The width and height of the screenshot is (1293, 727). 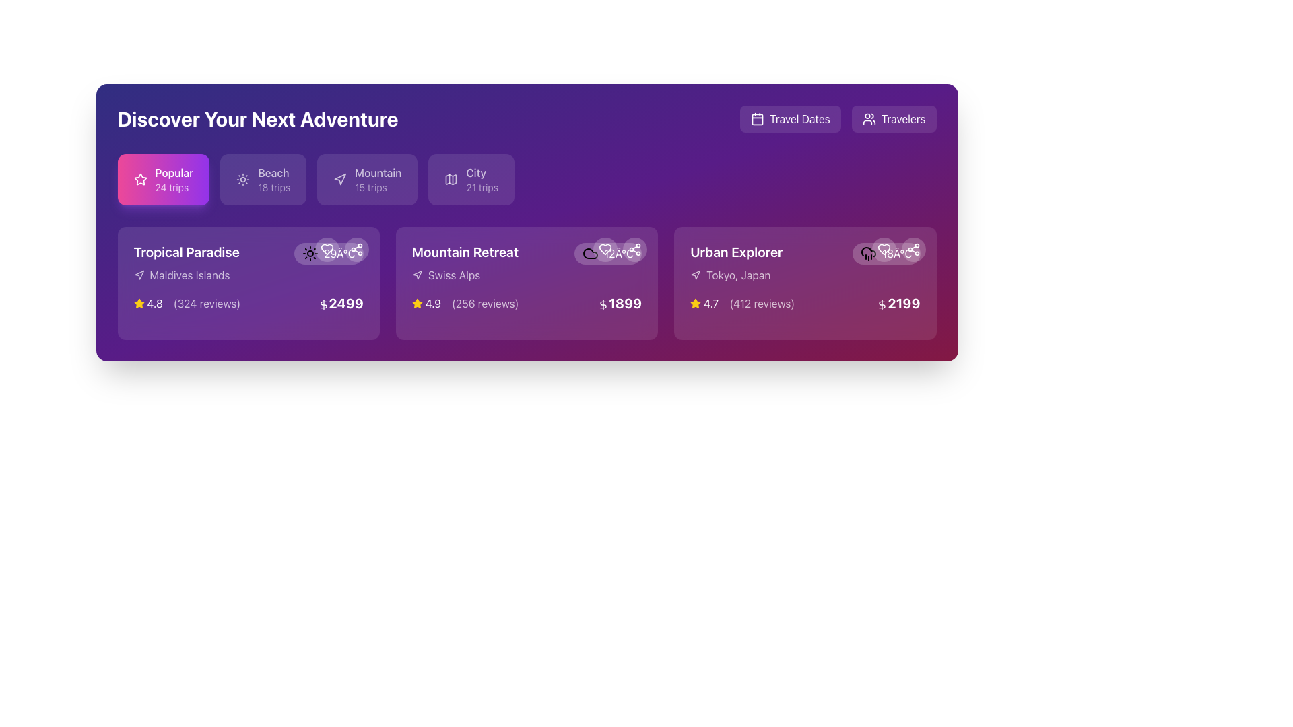 What do you see at coordinates (139, 274) in the screenshot?
I see `the stylized navigation arrow icon located to the immediate left of the 'Maldives Islands' text in the 'Tropical Paradise' section` at bounding box center [139, 274].